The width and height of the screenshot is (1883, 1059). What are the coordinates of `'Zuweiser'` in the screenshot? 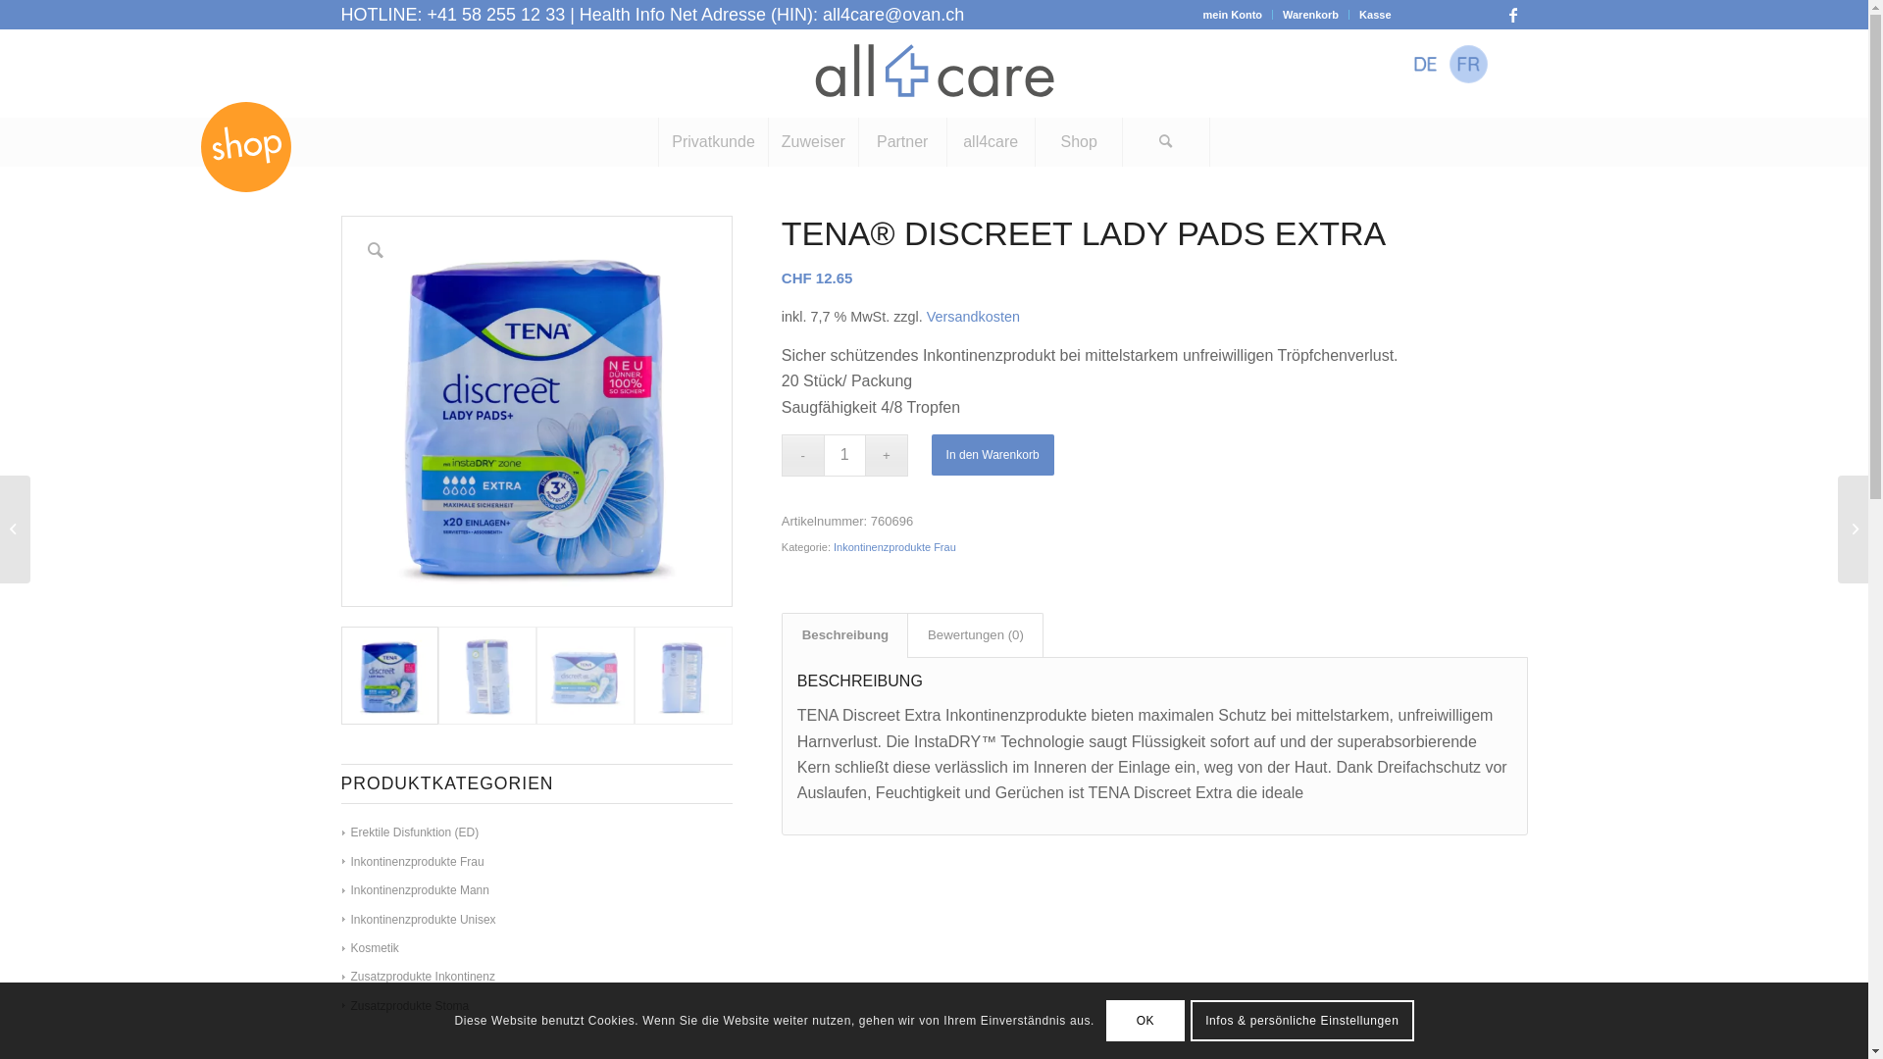 It's located at (813, 141).